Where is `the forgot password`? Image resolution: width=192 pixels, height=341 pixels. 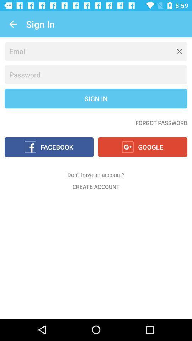
the forgot password is located at coordinates (161, 123).